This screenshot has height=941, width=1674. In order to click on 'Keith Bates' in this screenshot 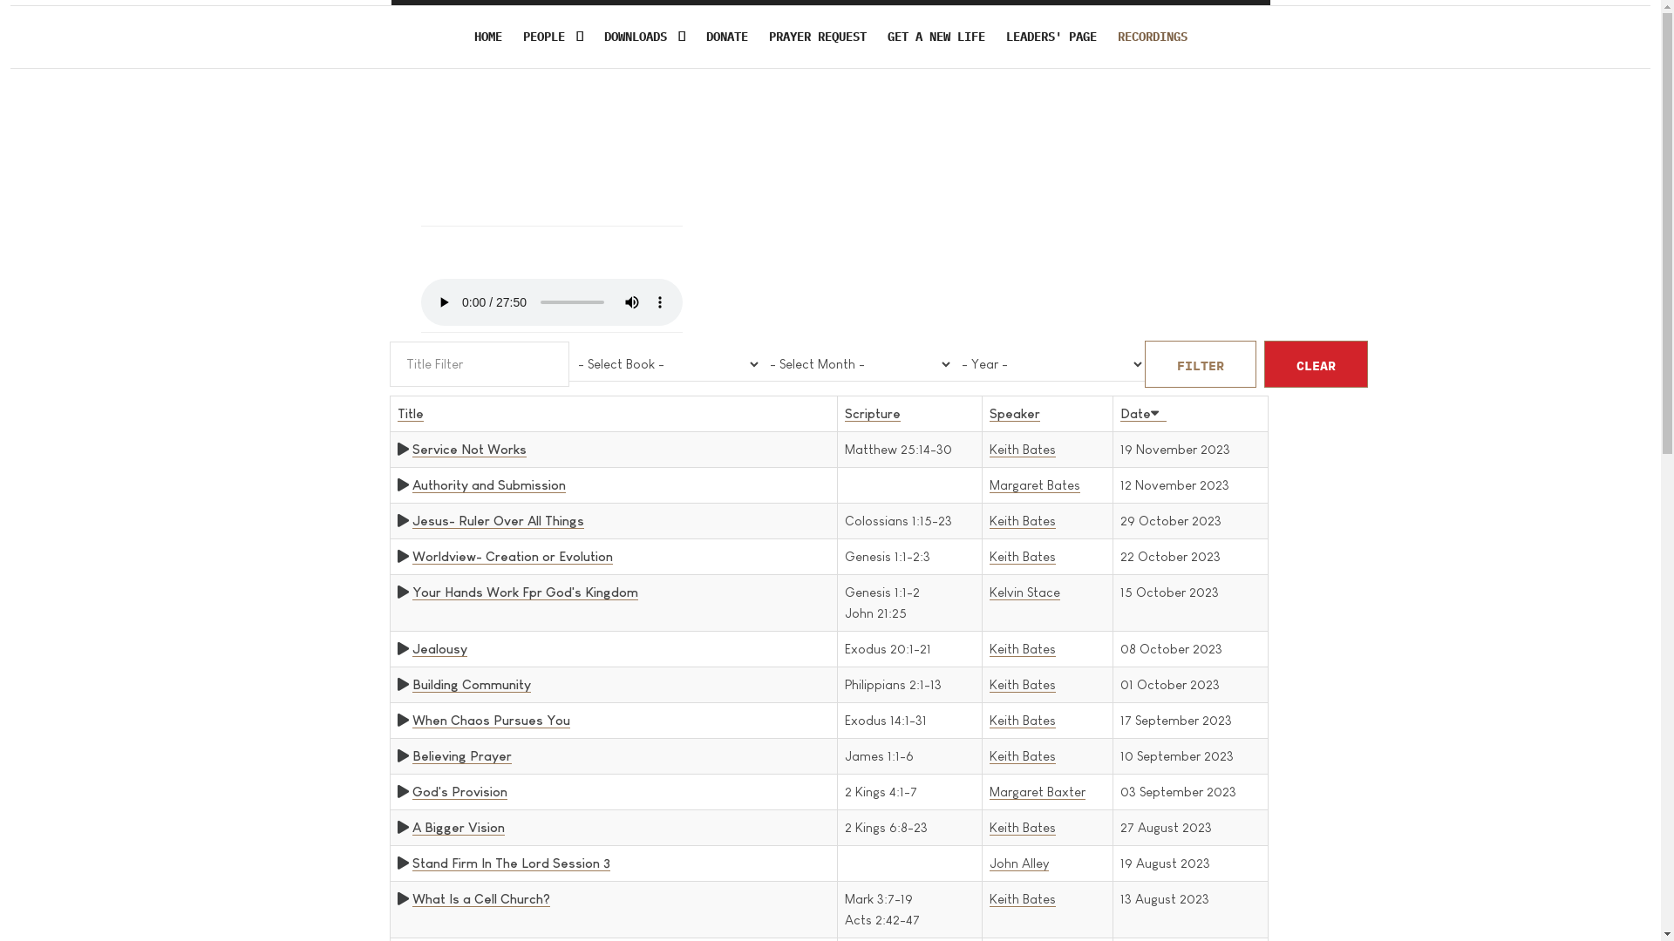, I will do `click(1022, 557)`.